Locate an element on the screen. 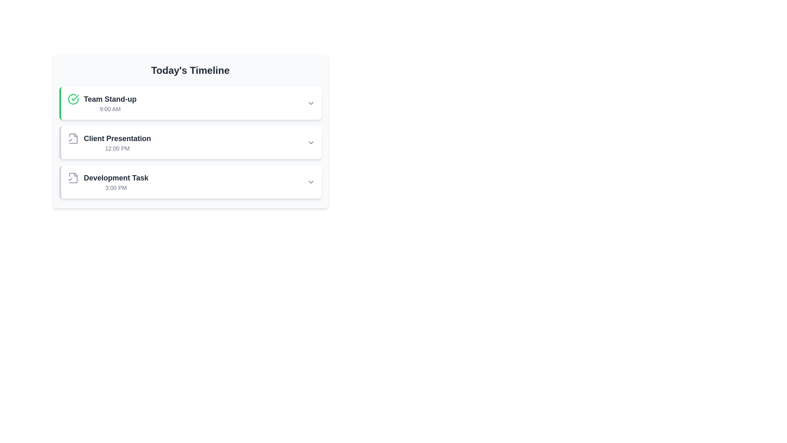  informational text component displaying 'Client Presentation' at '12:00 PM', located in the center of the view in the second section of 'Today's Timeline' is located at coordinates (117, 142).